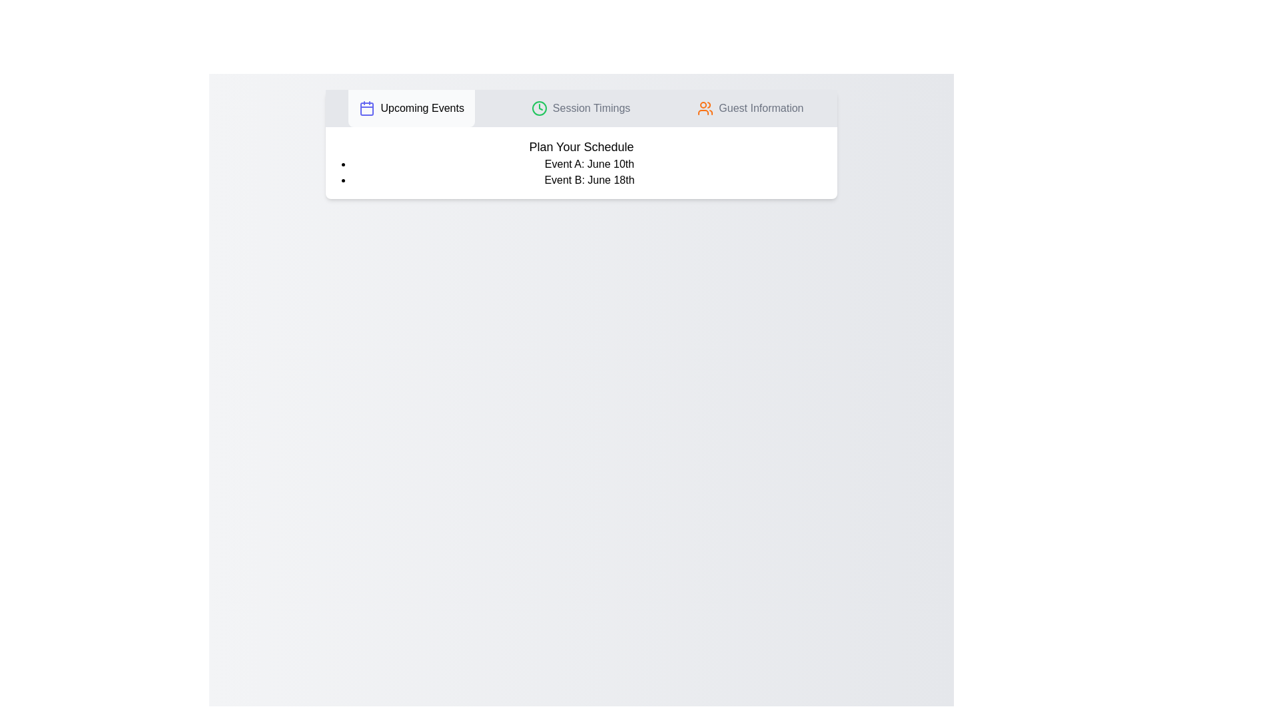  Describe the element at coordinates (411, 107) in the screenshot. I see `the tab labeled 'Upcoming Events' to observe its effect` at that location.